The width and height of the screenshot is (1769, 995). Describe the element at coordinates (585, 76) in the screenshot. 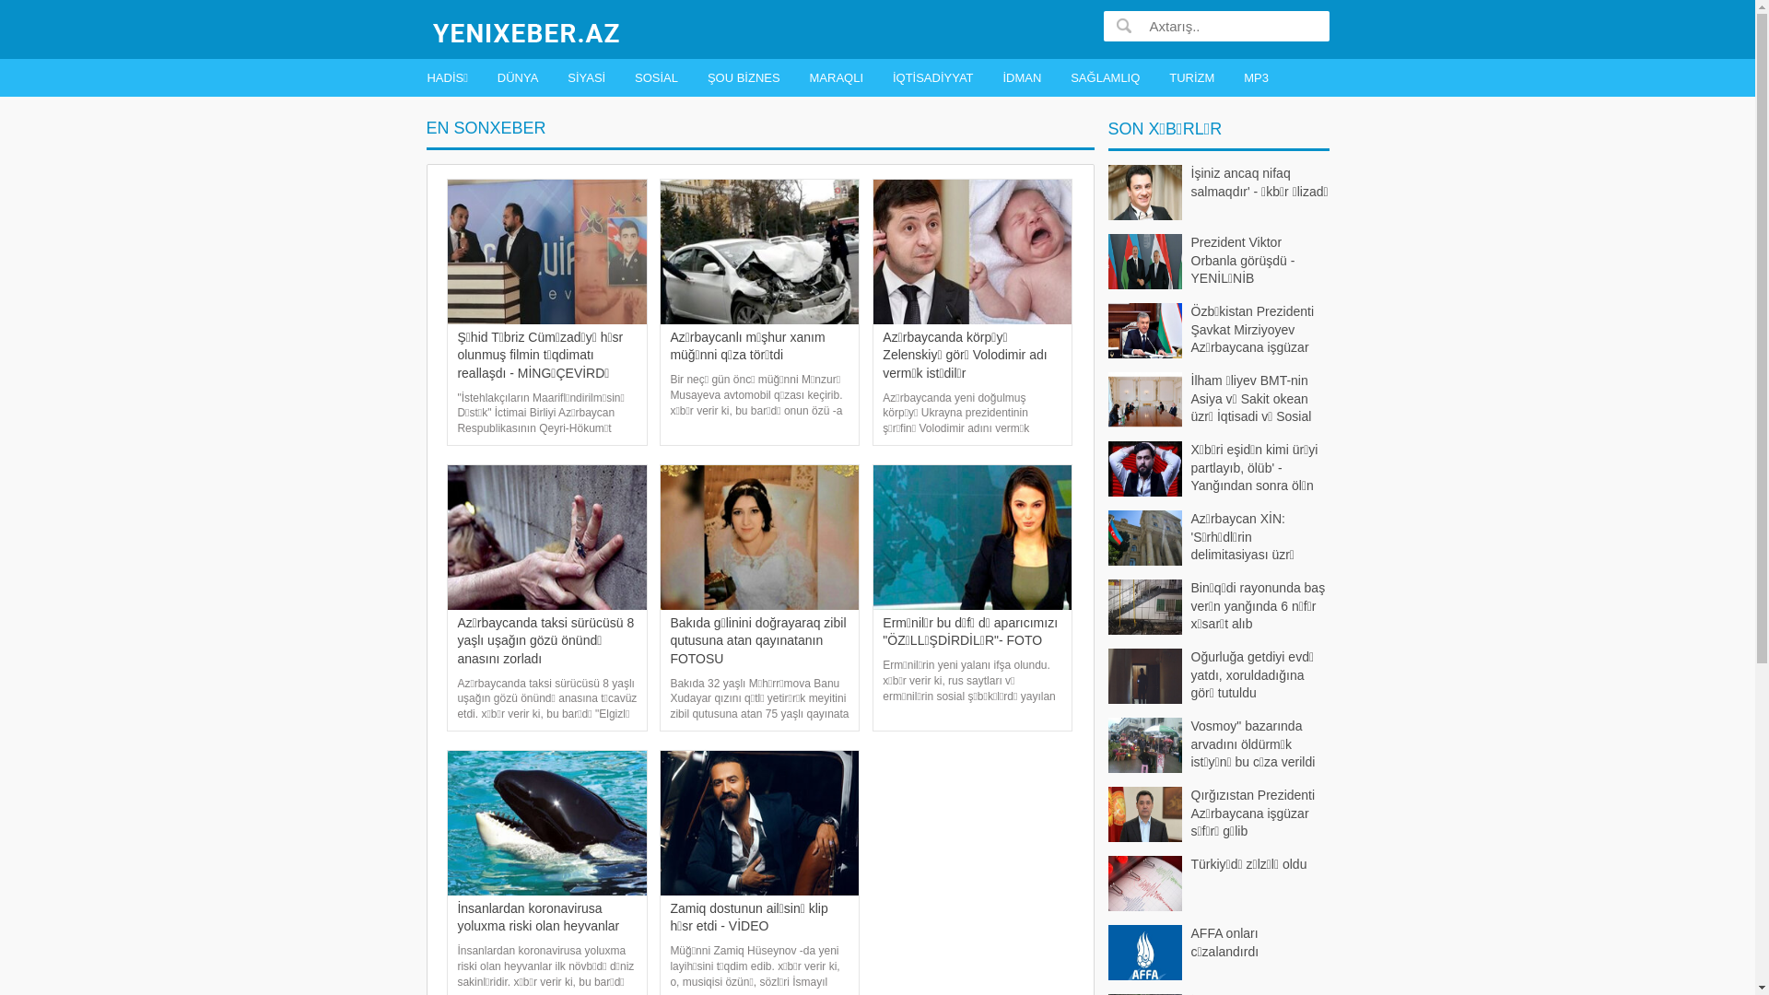

I see `'SIYASI'` at that location.